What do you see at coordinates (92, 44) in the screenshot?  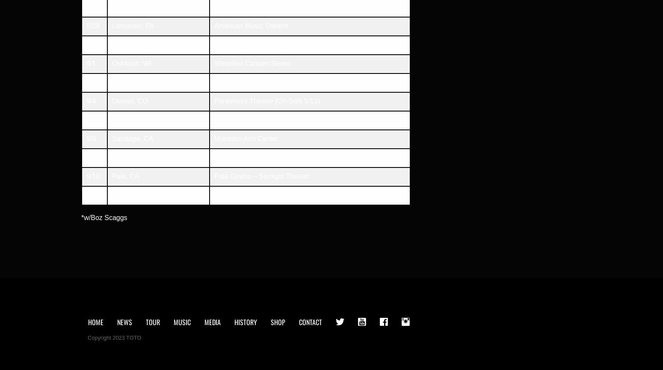 I see `'8/31'` at bounding box center [92, 44].